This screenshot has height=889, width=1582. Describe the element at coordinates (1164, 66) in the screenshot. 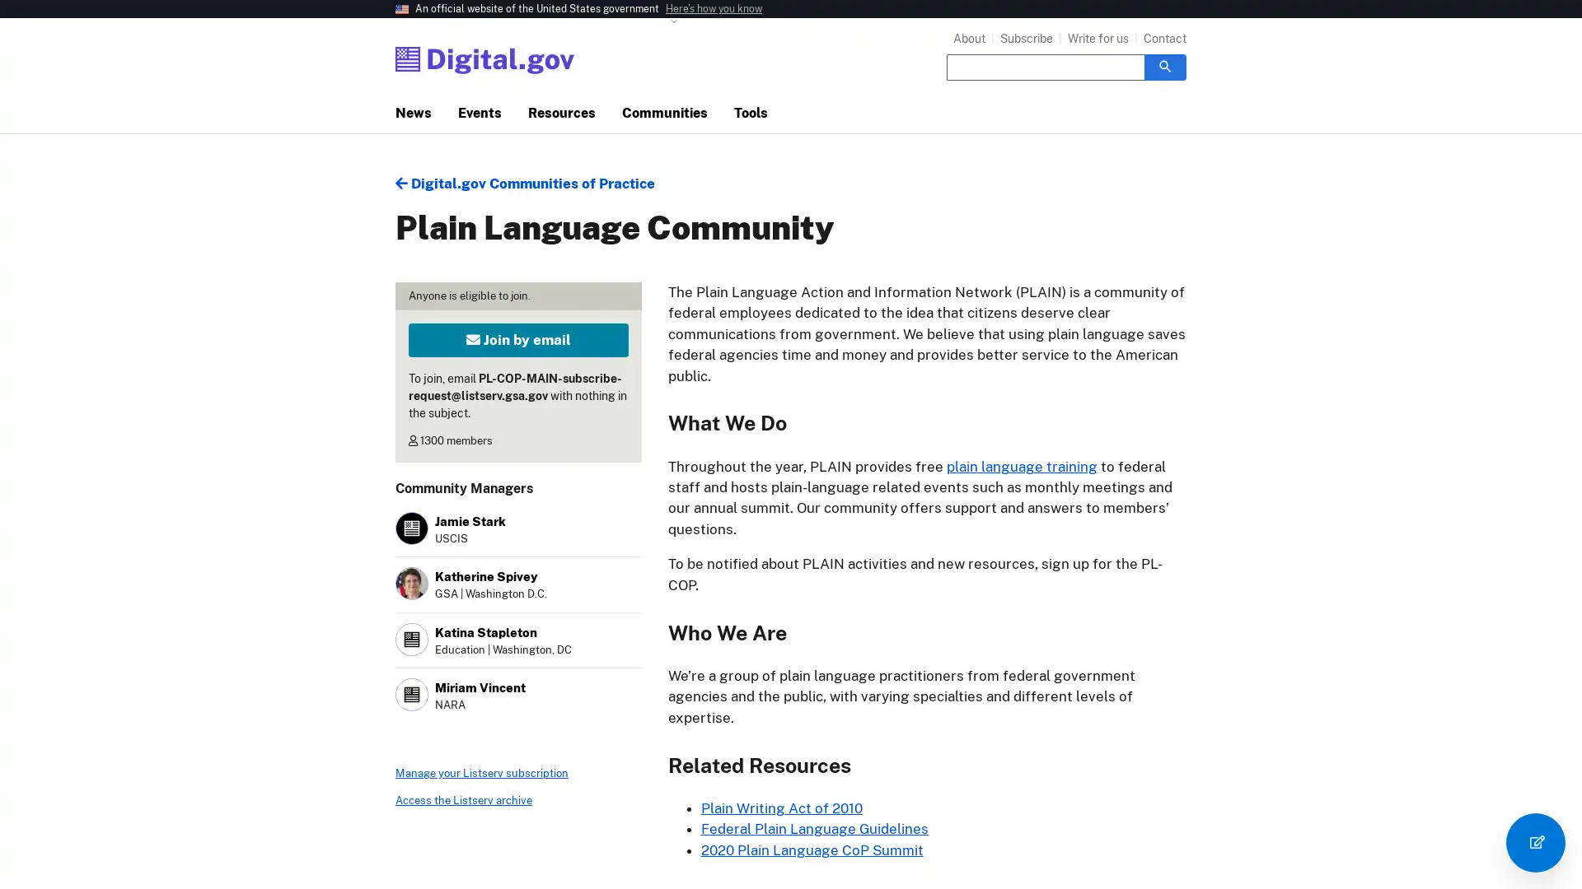

I see `Search` at that location.